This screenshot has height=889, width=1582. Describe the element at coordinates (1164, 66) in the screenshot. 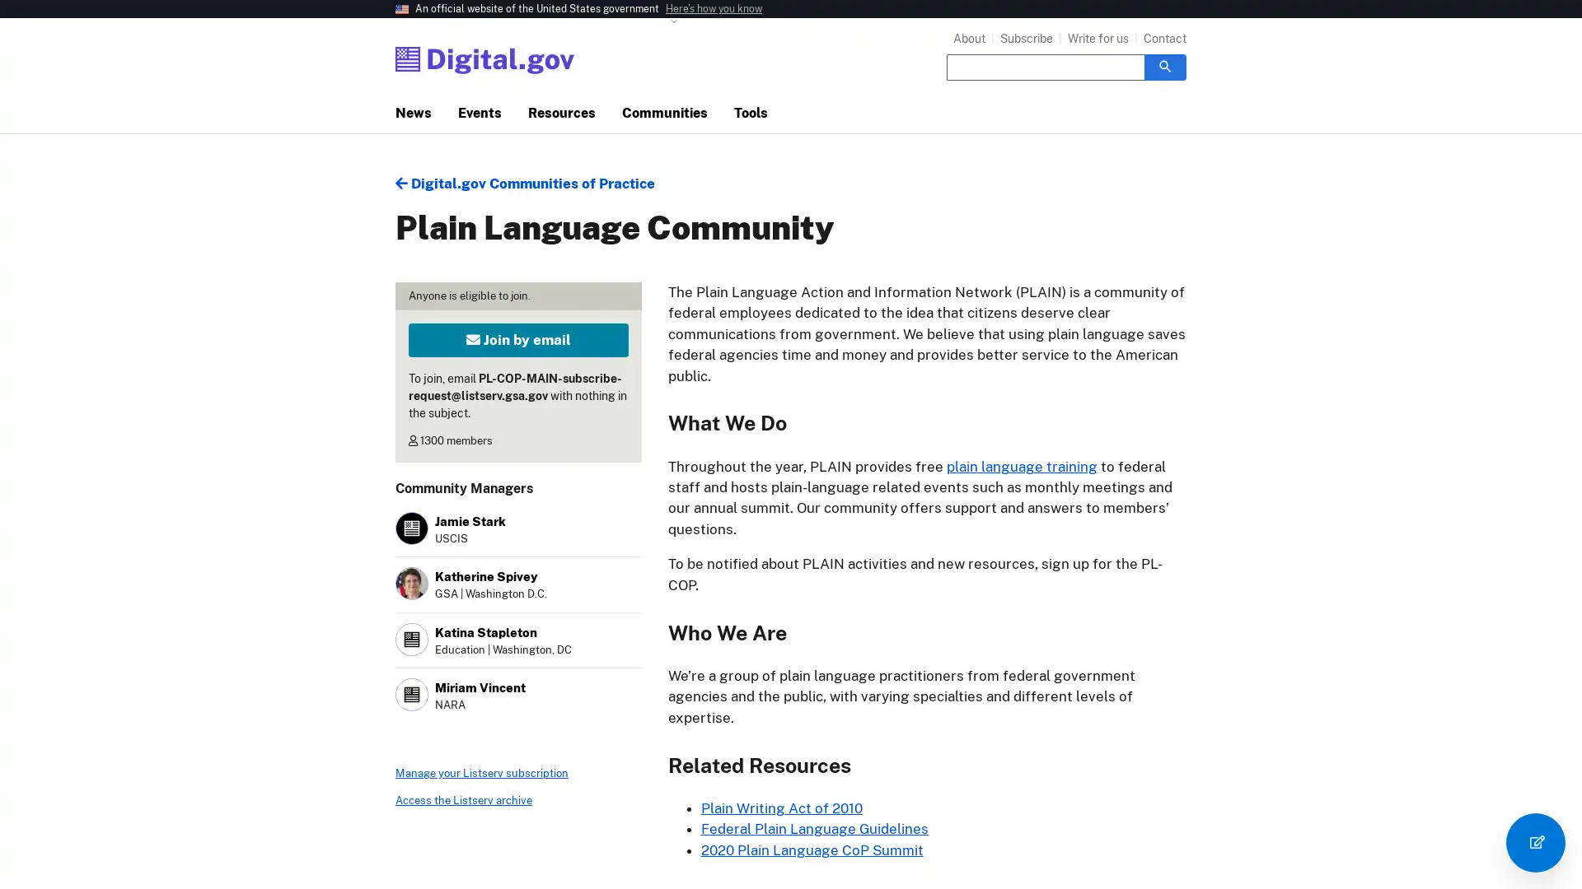

I see `Search` at that location.